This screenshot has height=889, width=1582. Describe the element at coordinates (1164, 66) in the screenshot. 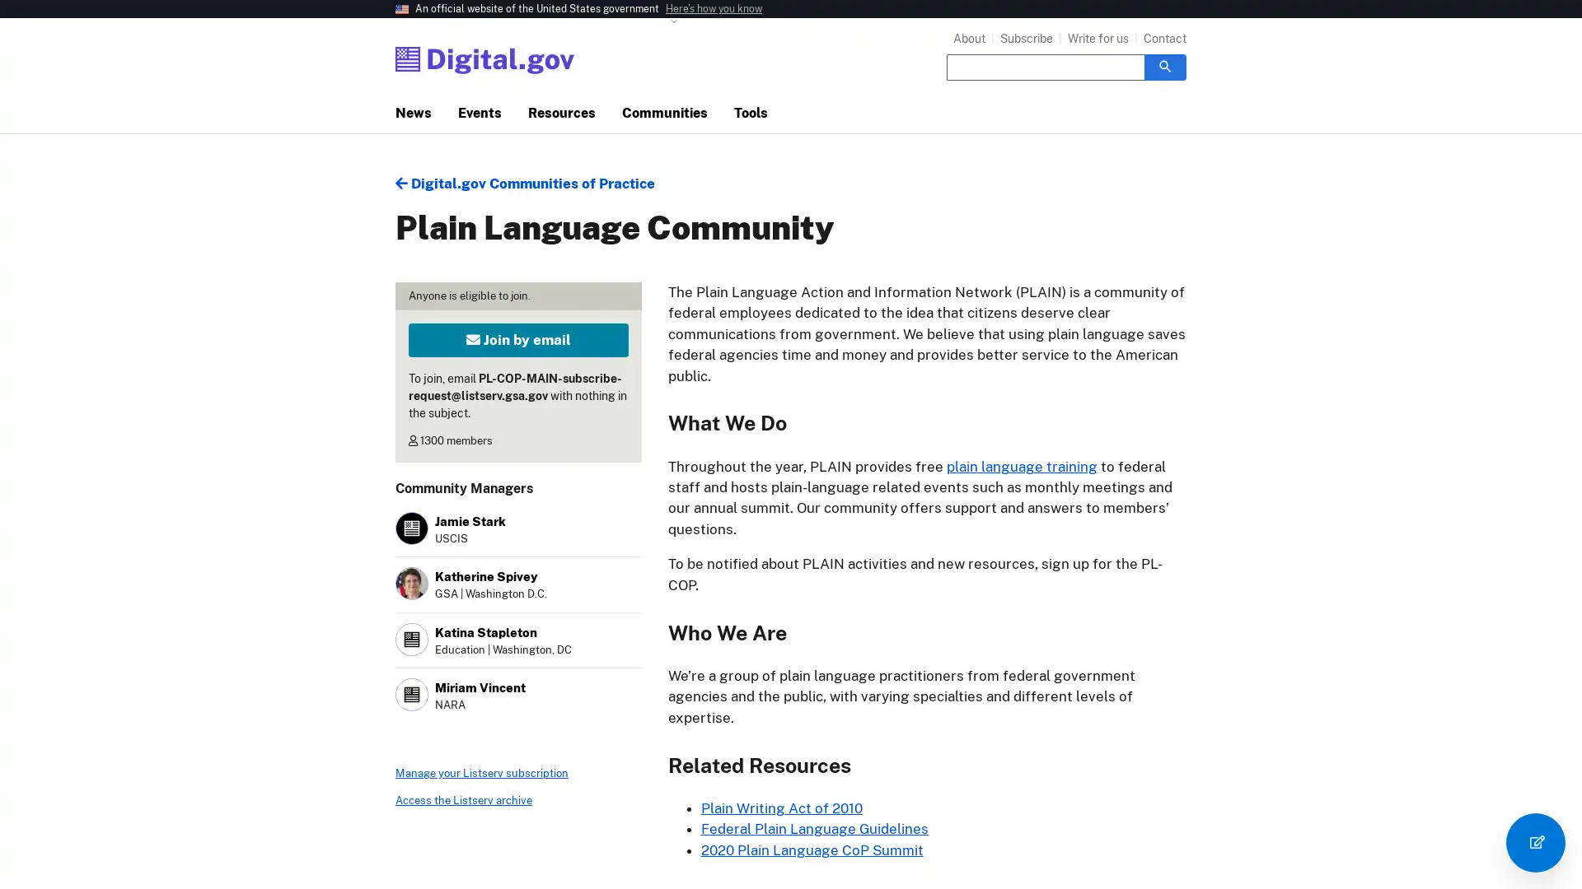

I see `Search` at that location.